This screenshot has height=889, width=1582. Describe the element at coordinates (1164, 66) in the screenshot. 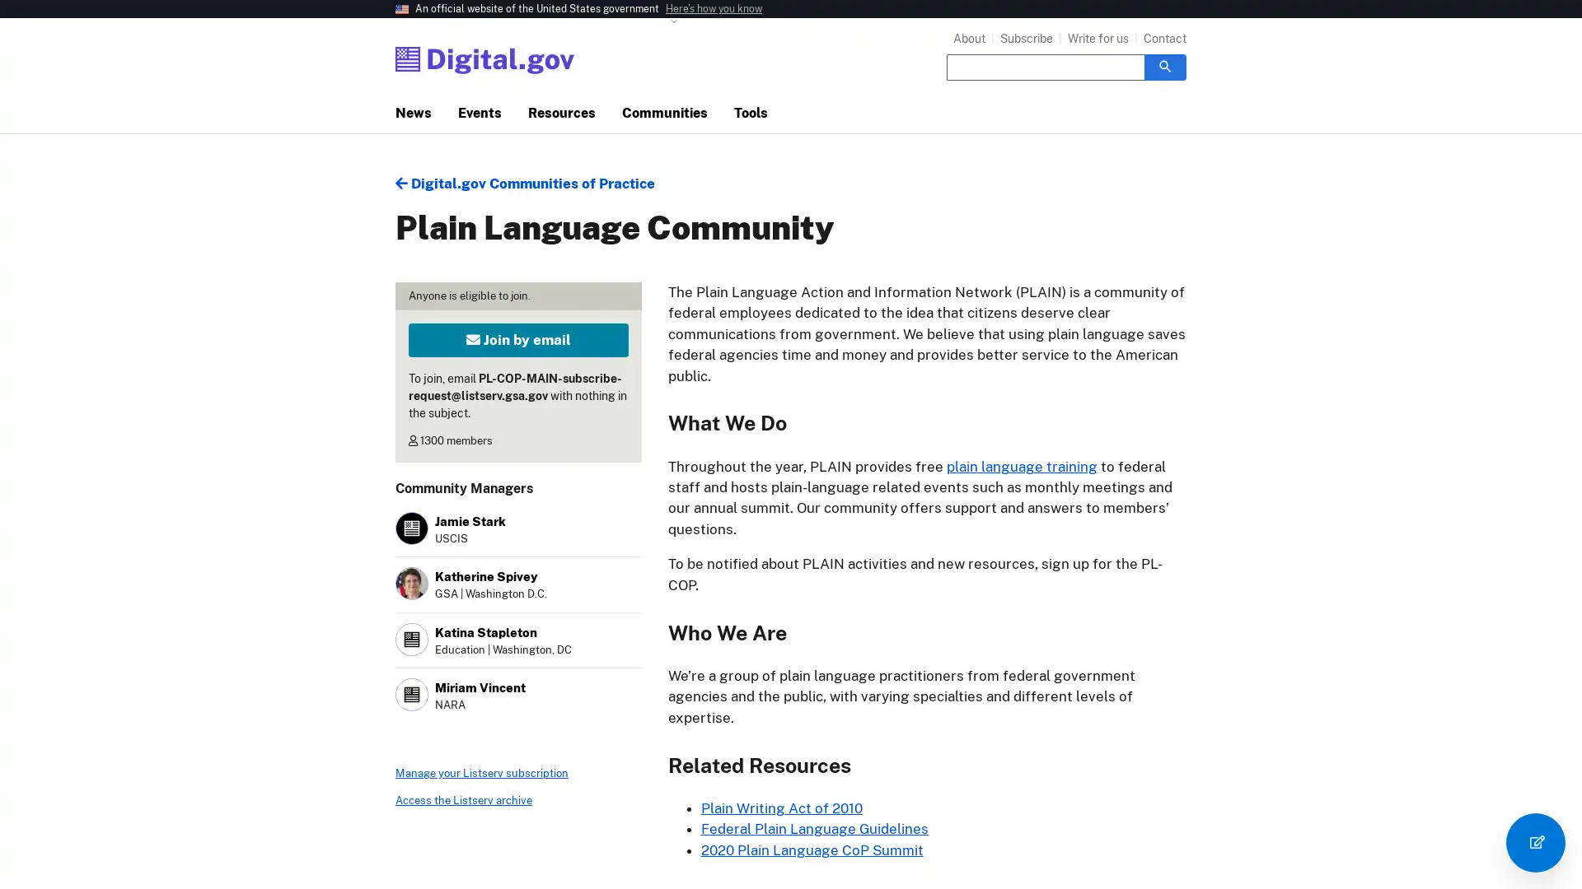

I see `Search` at that location.